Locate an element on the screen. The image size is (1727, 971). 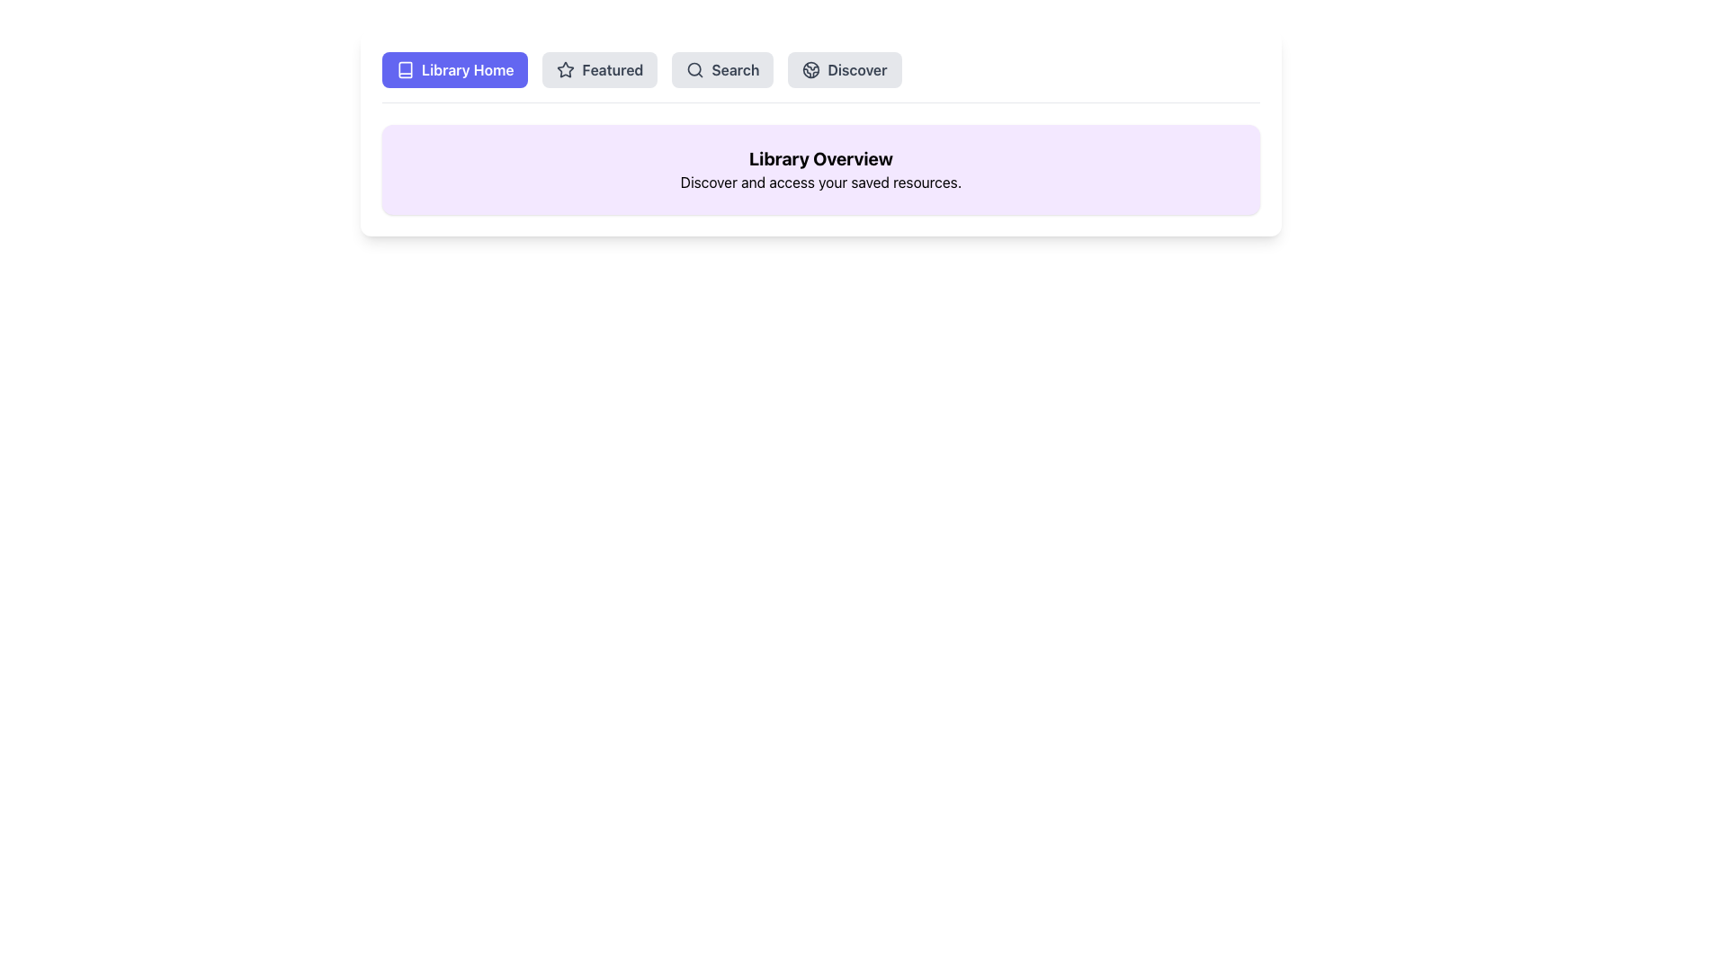
the 'Library Home' icon located at the leftmost side of the 'Library Home' button in the header section of the application is located at coordinates (405, 68).